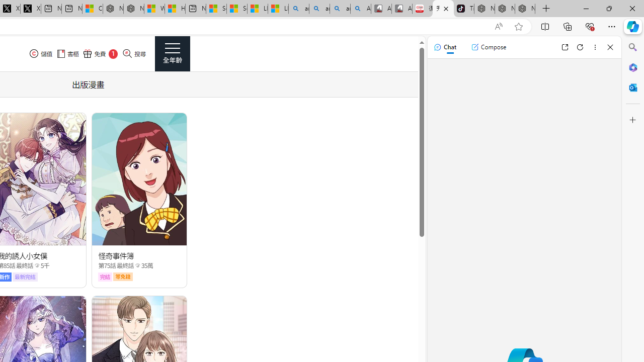 The height and width of the screenshot is (362, 644). Describe the element at coordinates (444, 47) in the screenshot. I see `'Chat'` at that location.